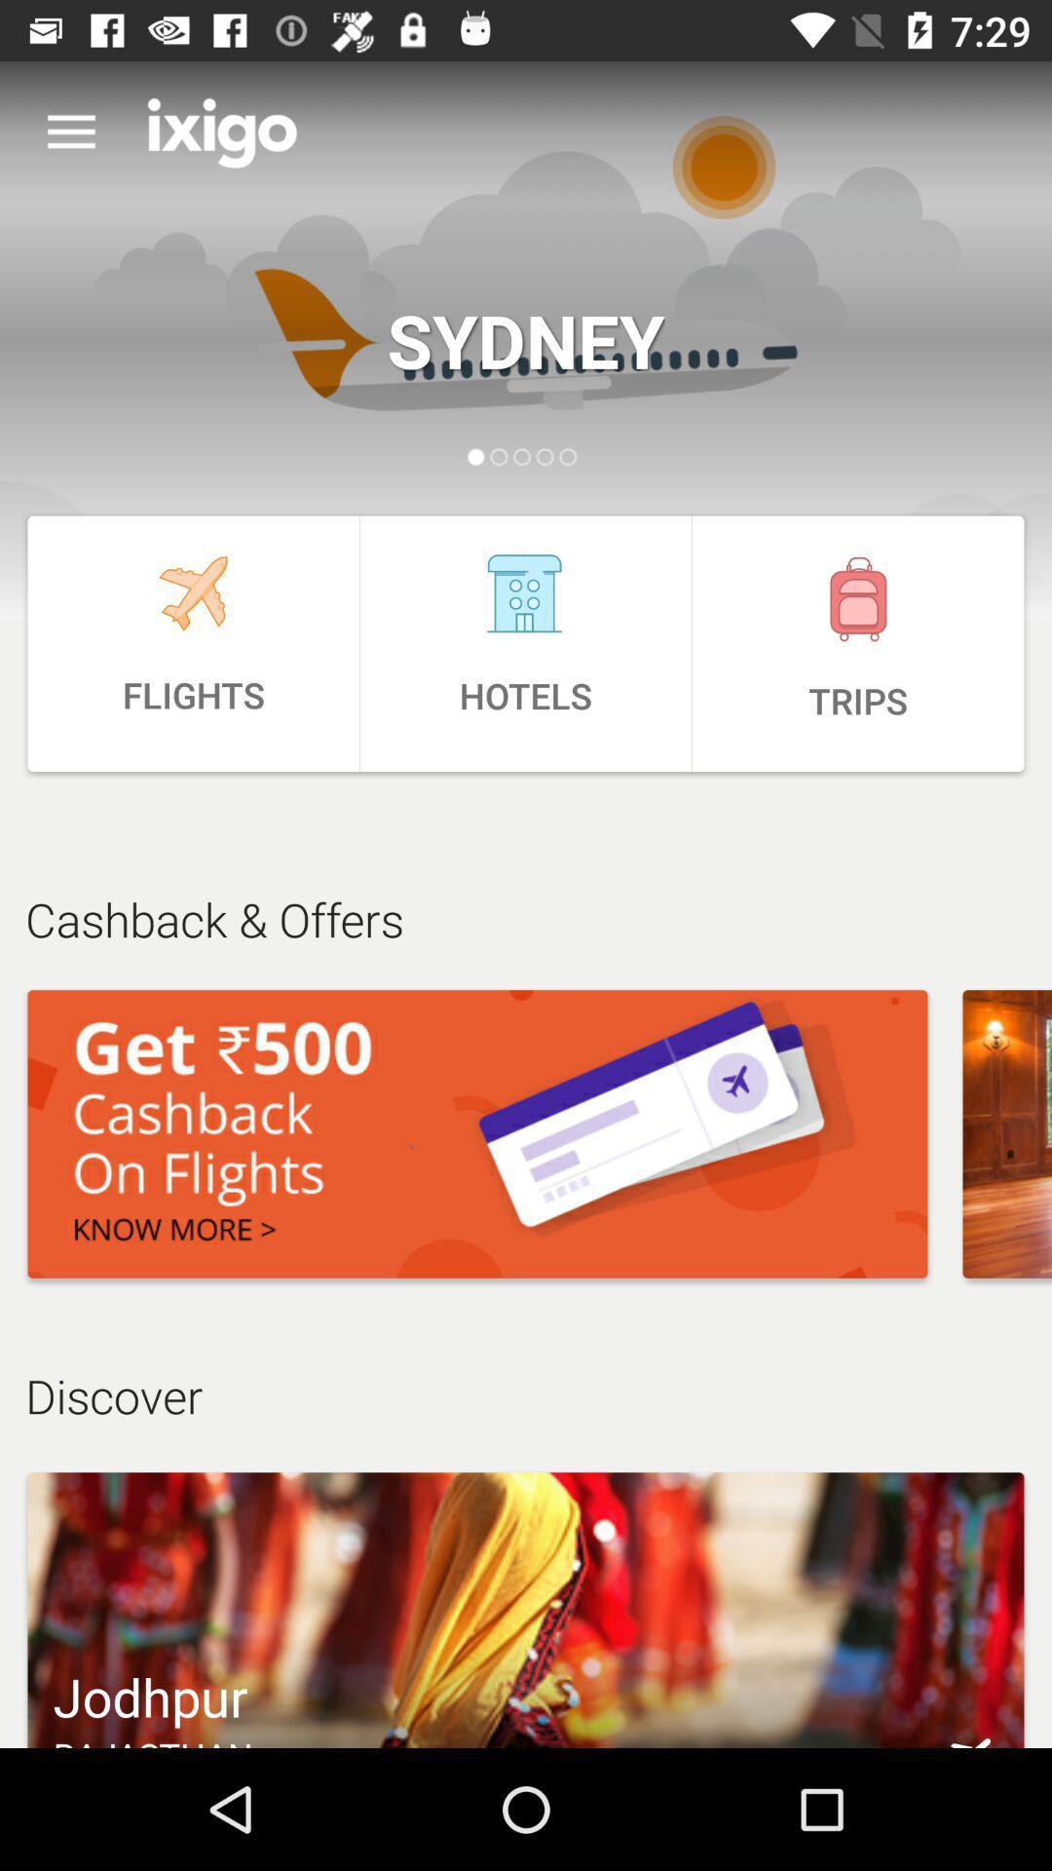 The height and width of the screenshot is (1871, 1052). Describe the element at coordinates (193, 643) in the screenshot. I see `the flights on the left` at that location.